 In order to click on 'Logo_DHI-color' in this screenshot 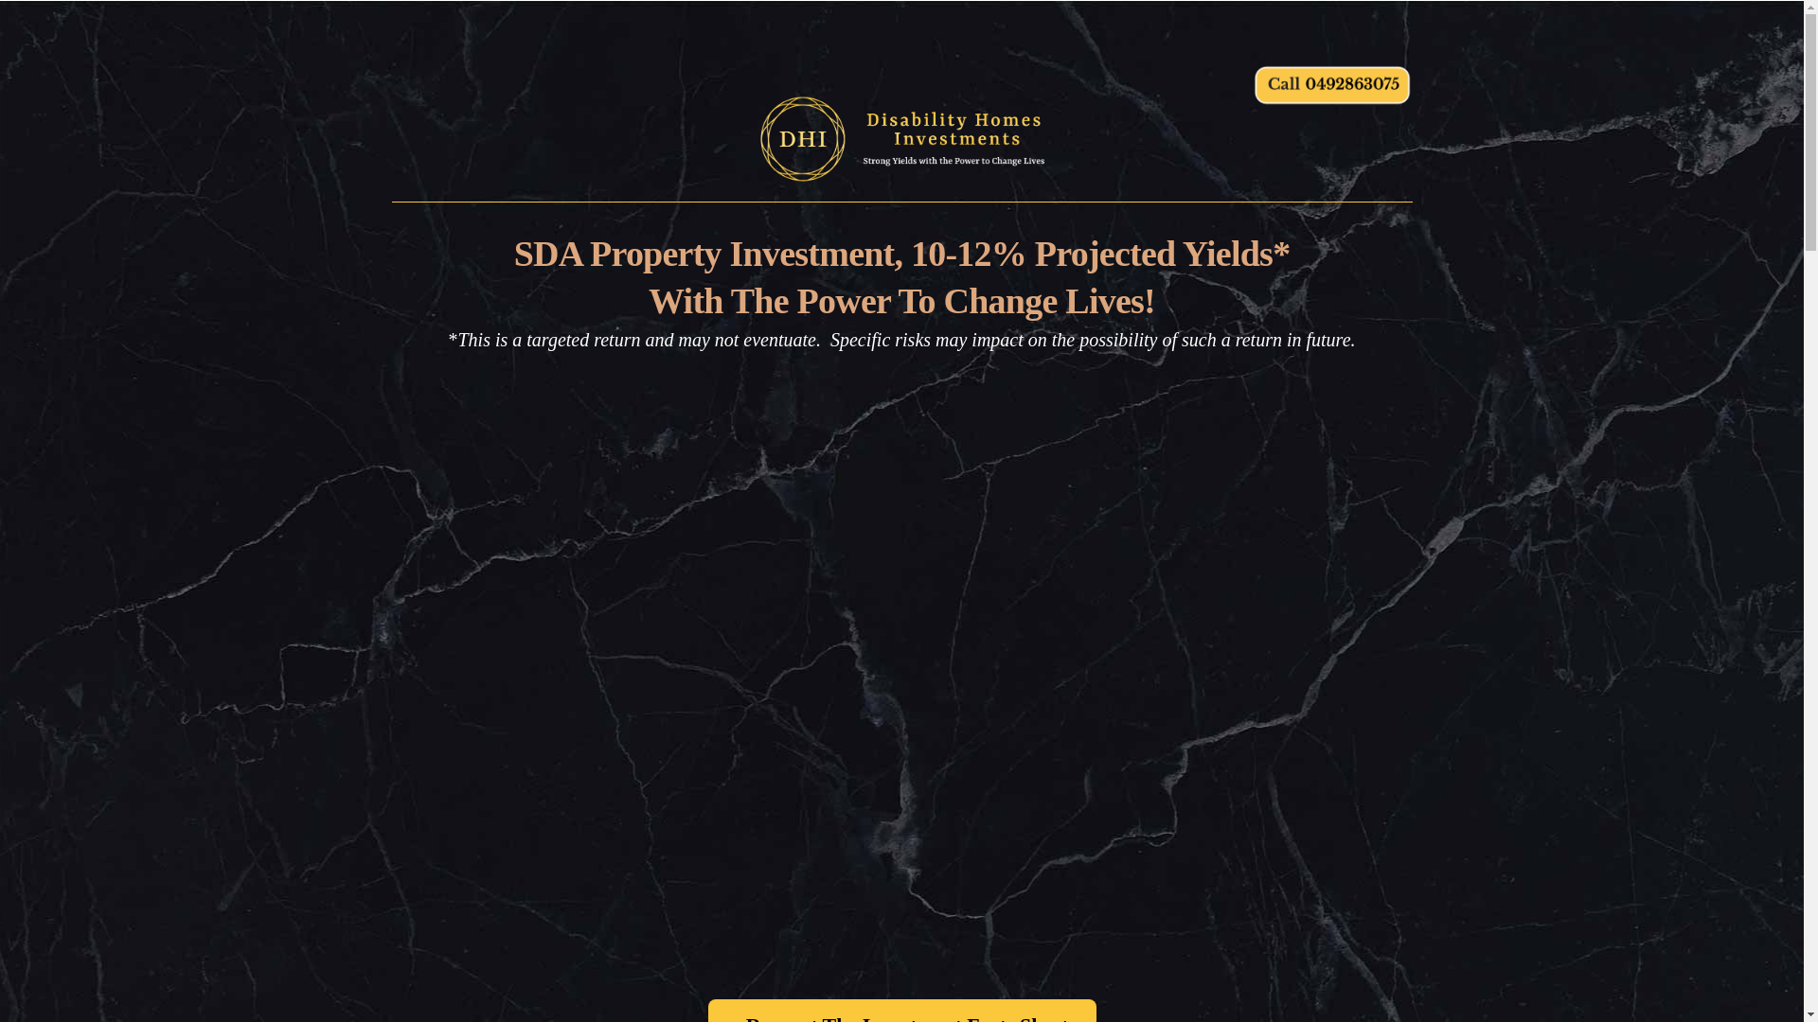, I will do `click(901, 137)`.